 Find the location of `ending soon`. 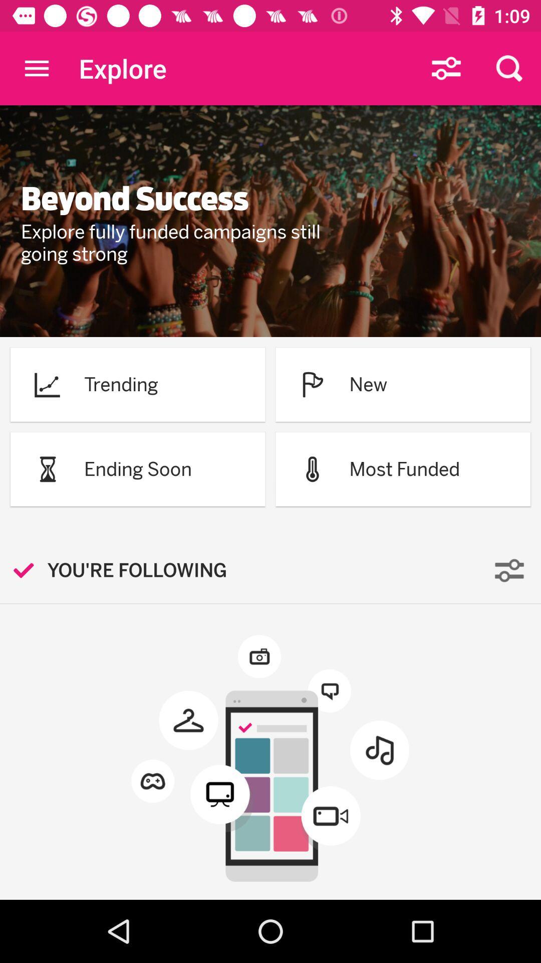

ending soon is located at coordinates (138, 468).